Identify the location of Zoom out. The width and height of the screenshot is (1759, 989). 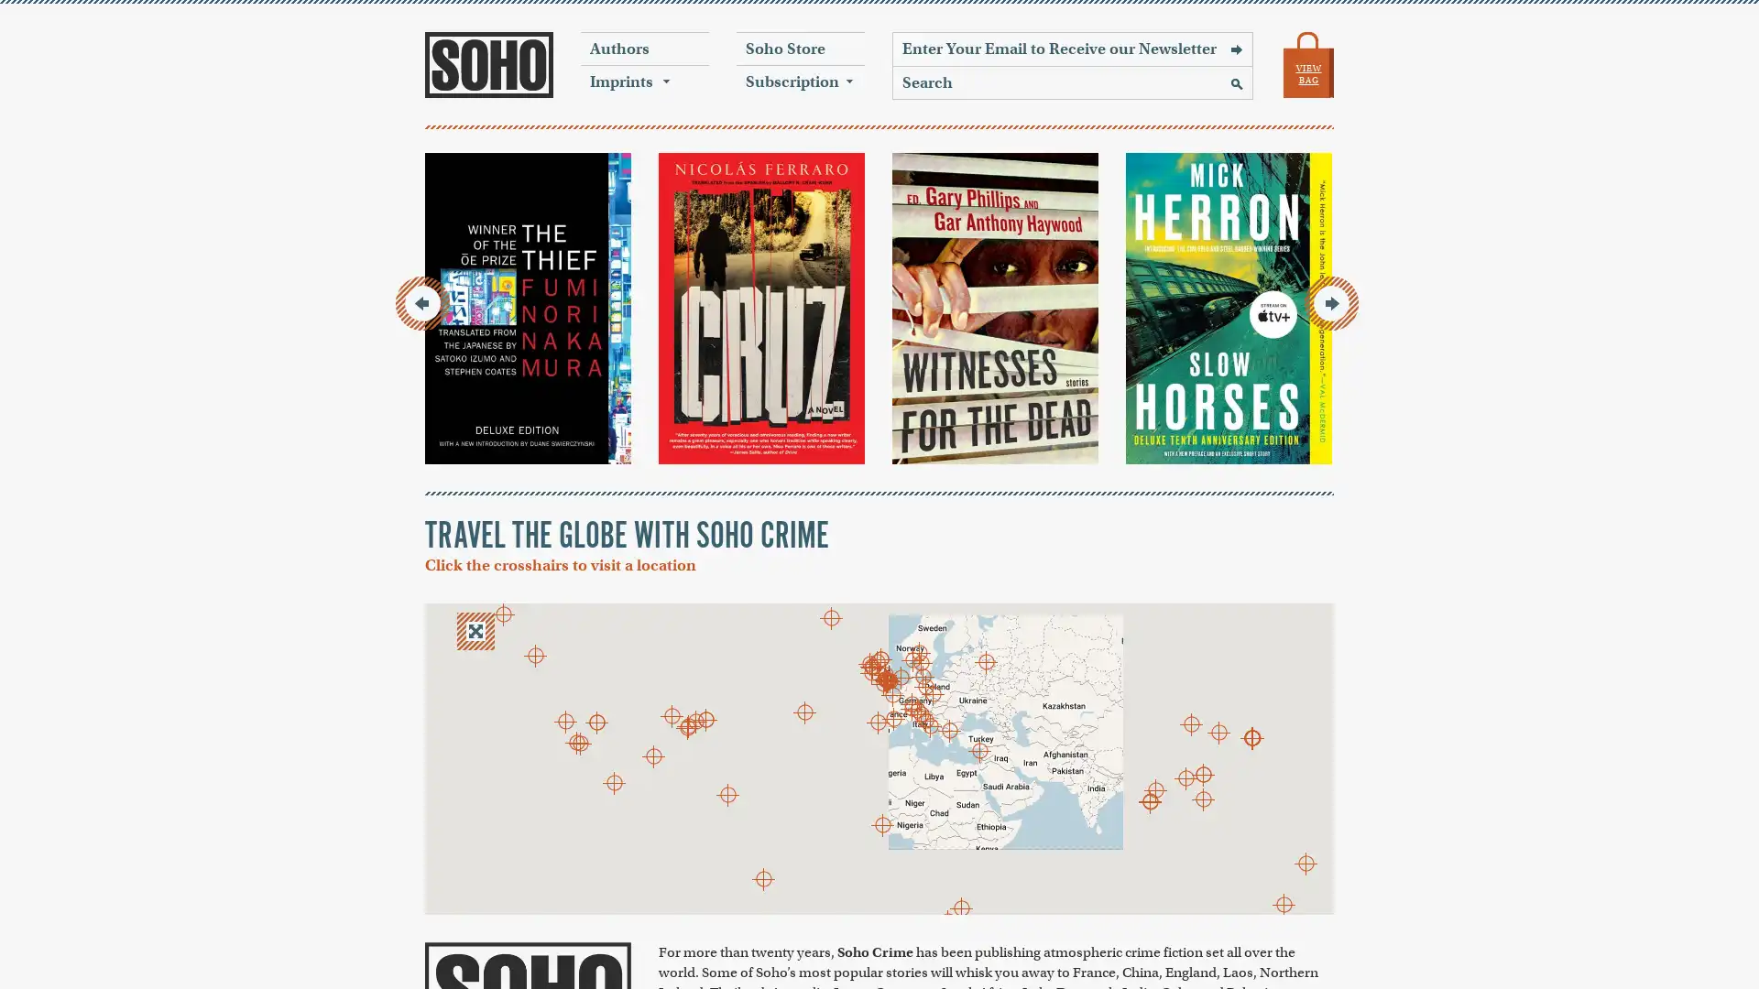
(1305, 872).